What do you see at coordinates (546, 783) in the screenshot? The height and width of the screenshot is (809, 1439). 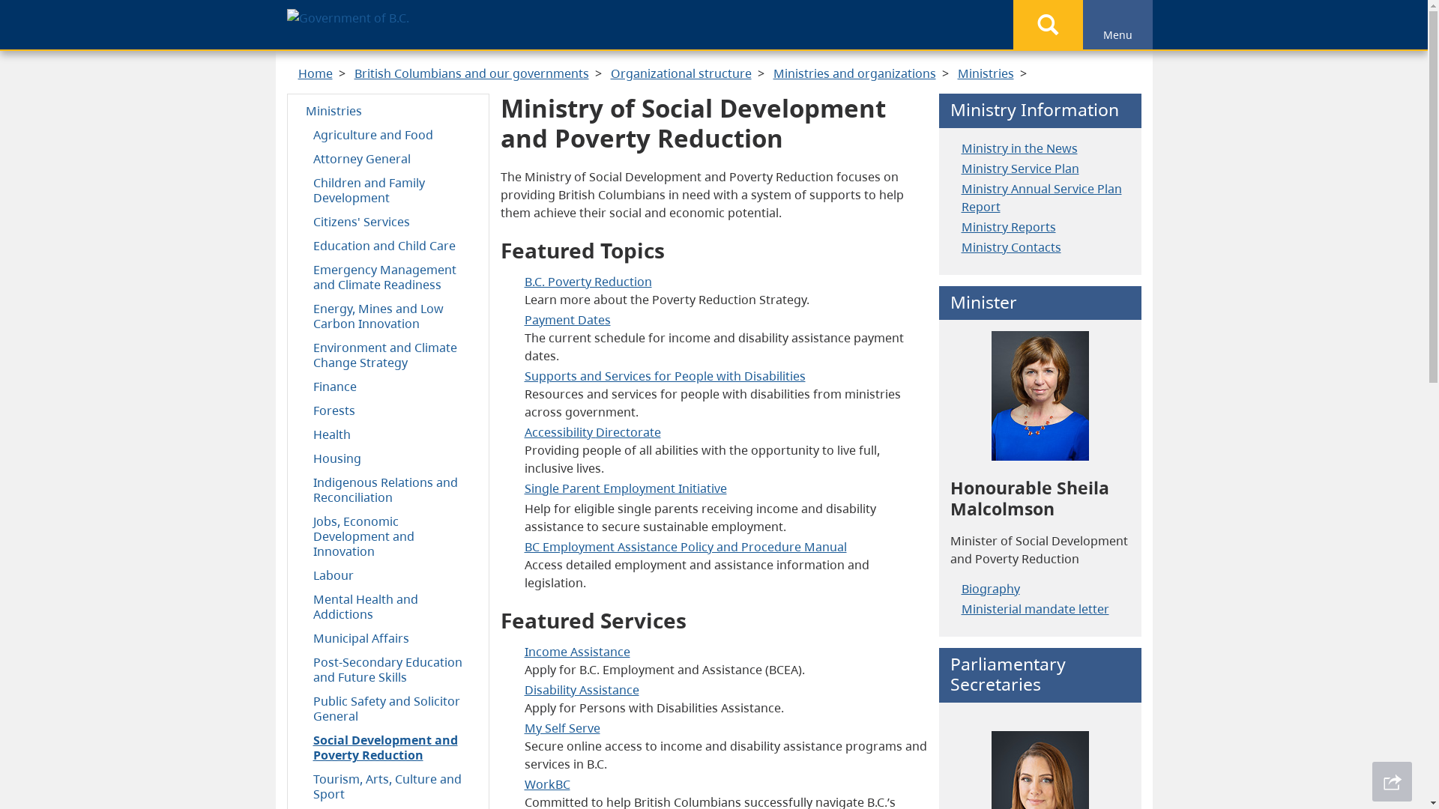 I see `'WorkBC'` at bounding box center [546, 783].